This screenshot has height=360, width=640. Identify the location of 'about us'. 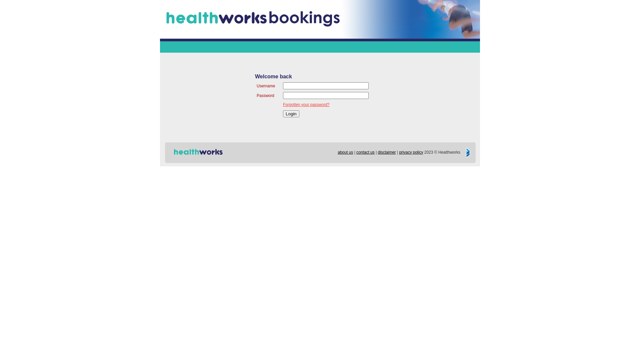
(345, 152).